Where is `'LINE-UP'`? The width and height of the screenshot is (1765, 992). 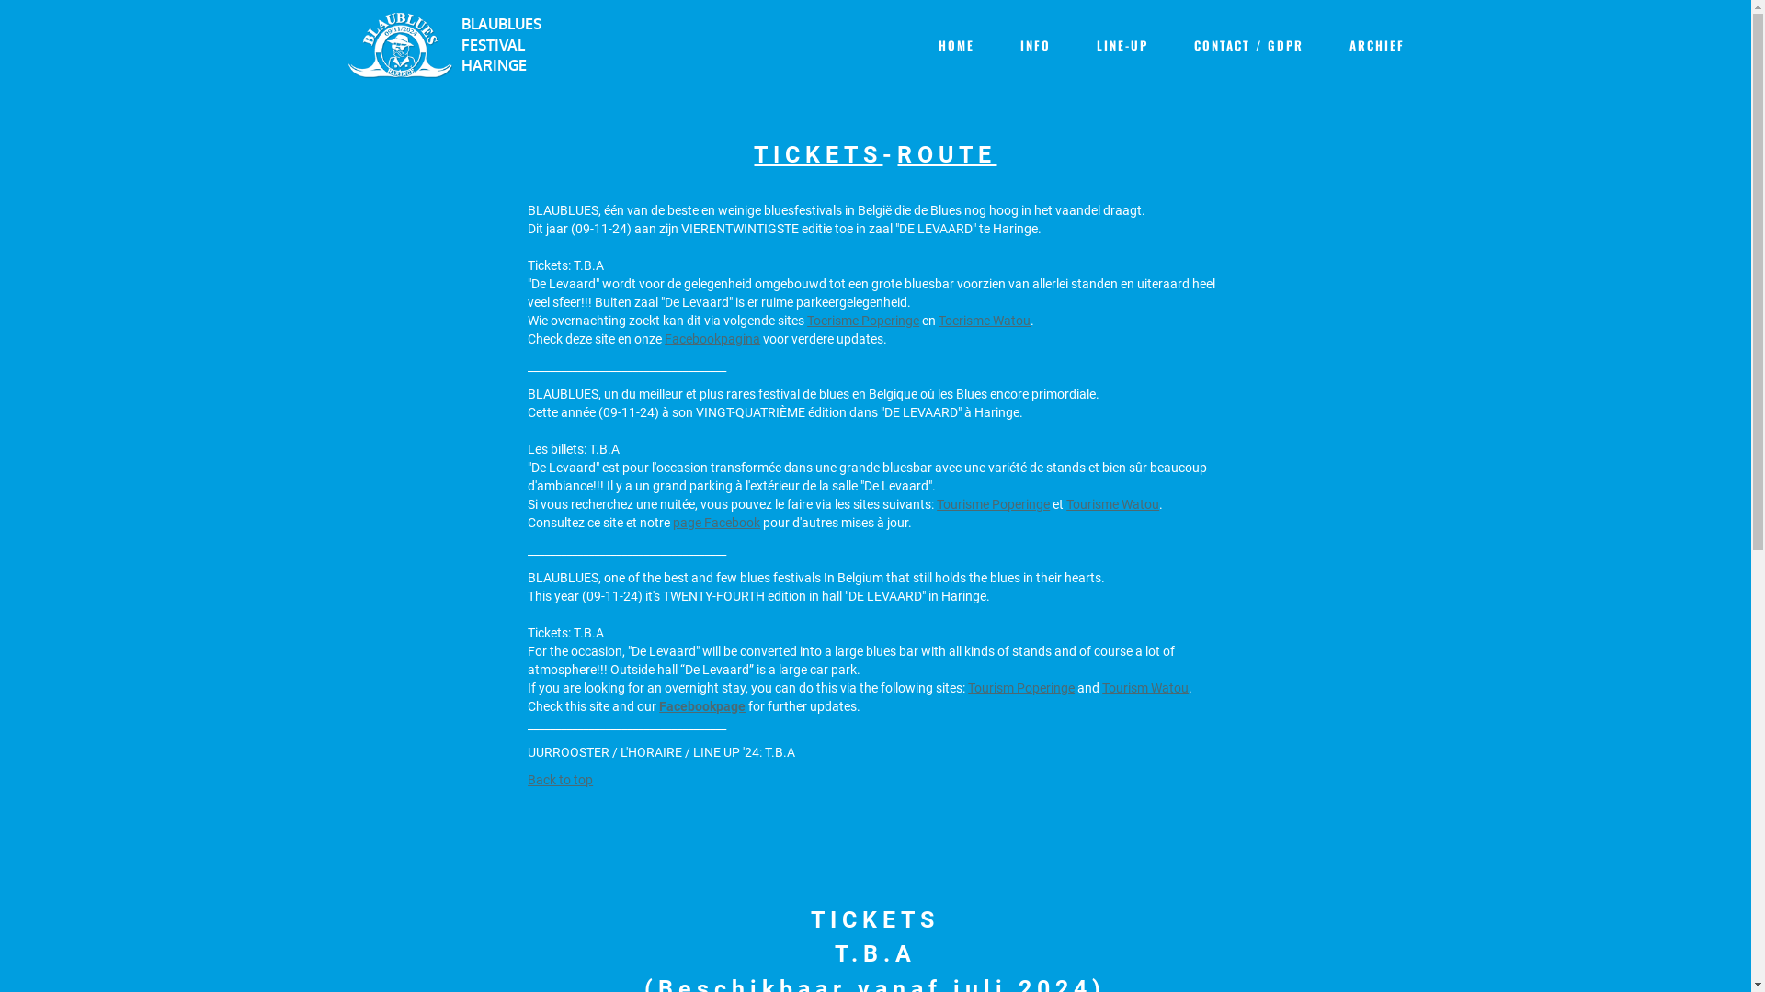
'LINE-UP' is located at coordinates (1120, 44).